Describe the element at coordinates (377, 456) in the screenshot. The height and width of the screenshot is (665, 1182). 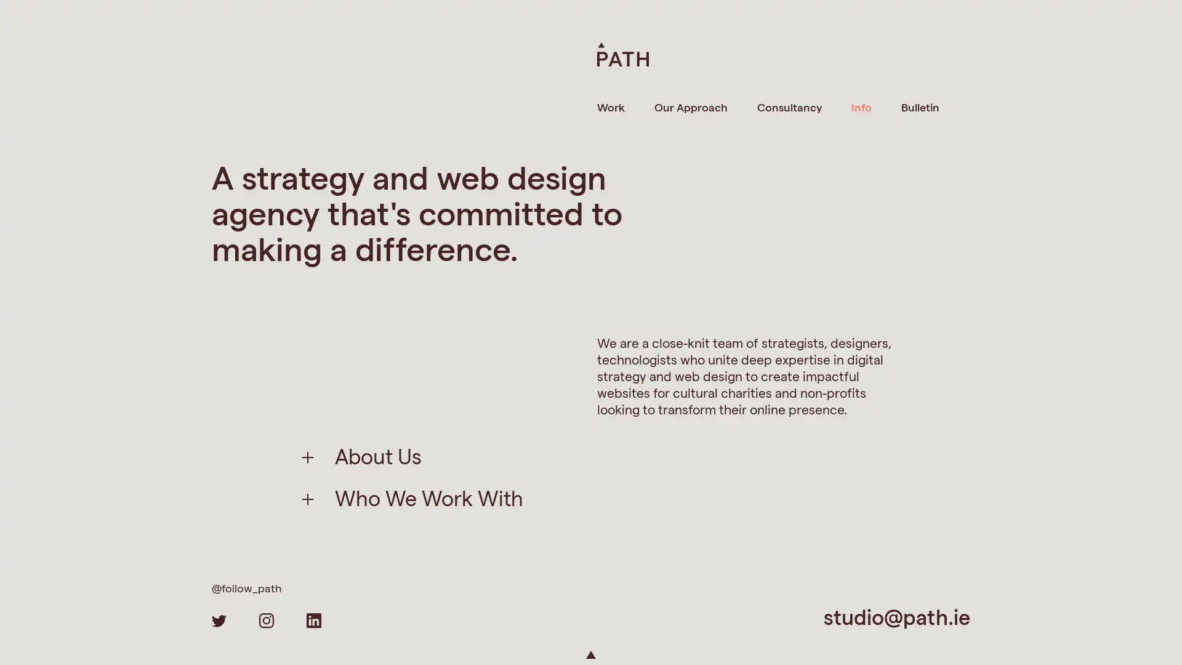
I see `About Us` at that location.